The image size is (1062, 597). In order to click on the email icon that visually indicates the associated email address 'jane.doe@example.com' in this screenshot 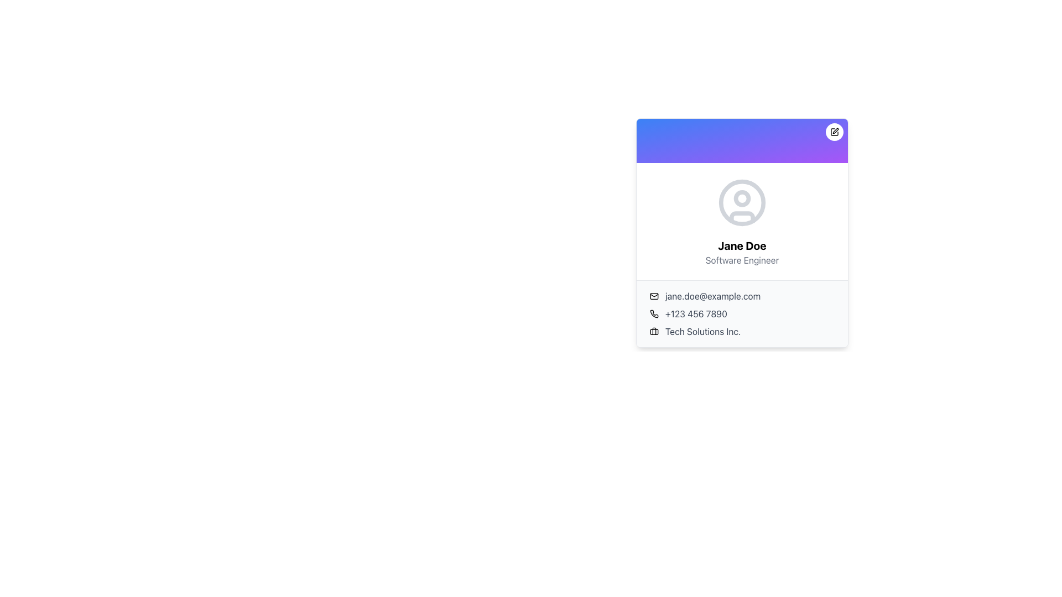, I will do `click(654, 296)`.